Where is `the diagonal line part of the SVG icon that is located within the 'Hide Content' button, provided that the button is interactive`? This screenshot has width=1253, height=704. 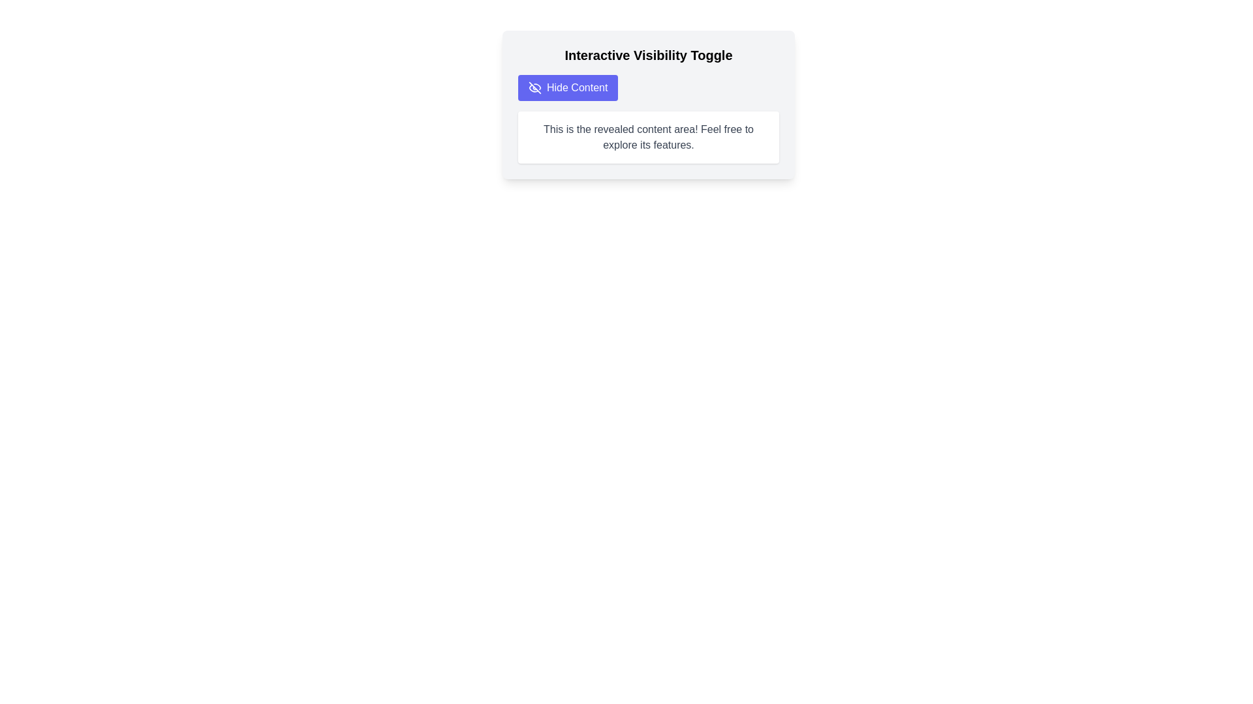
the diagonal line part of the SVG icon that is located within the 'Hide Content' button, provided that the button is interactive is located at coordinates (535, 87).